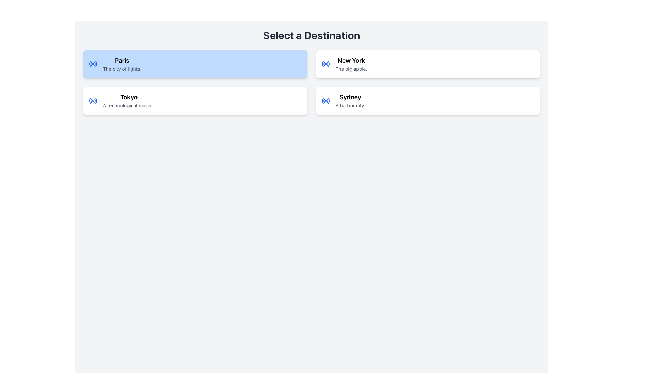 The image size is (665, 374). What do you see at coordinates (92, 64) in the screenshot?
I see `the radio button for 'Paris'` at bounding box center [92, 64].